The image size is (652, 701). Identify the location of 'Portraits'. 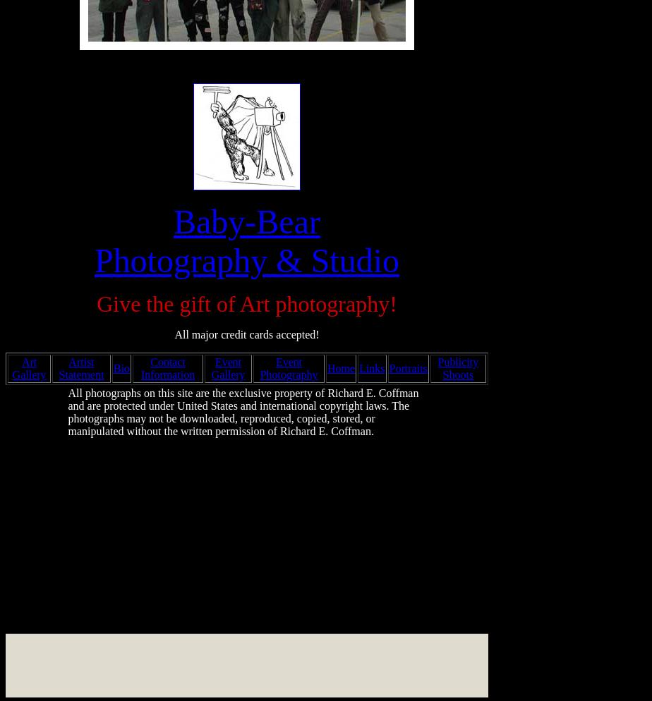
(407, 368).